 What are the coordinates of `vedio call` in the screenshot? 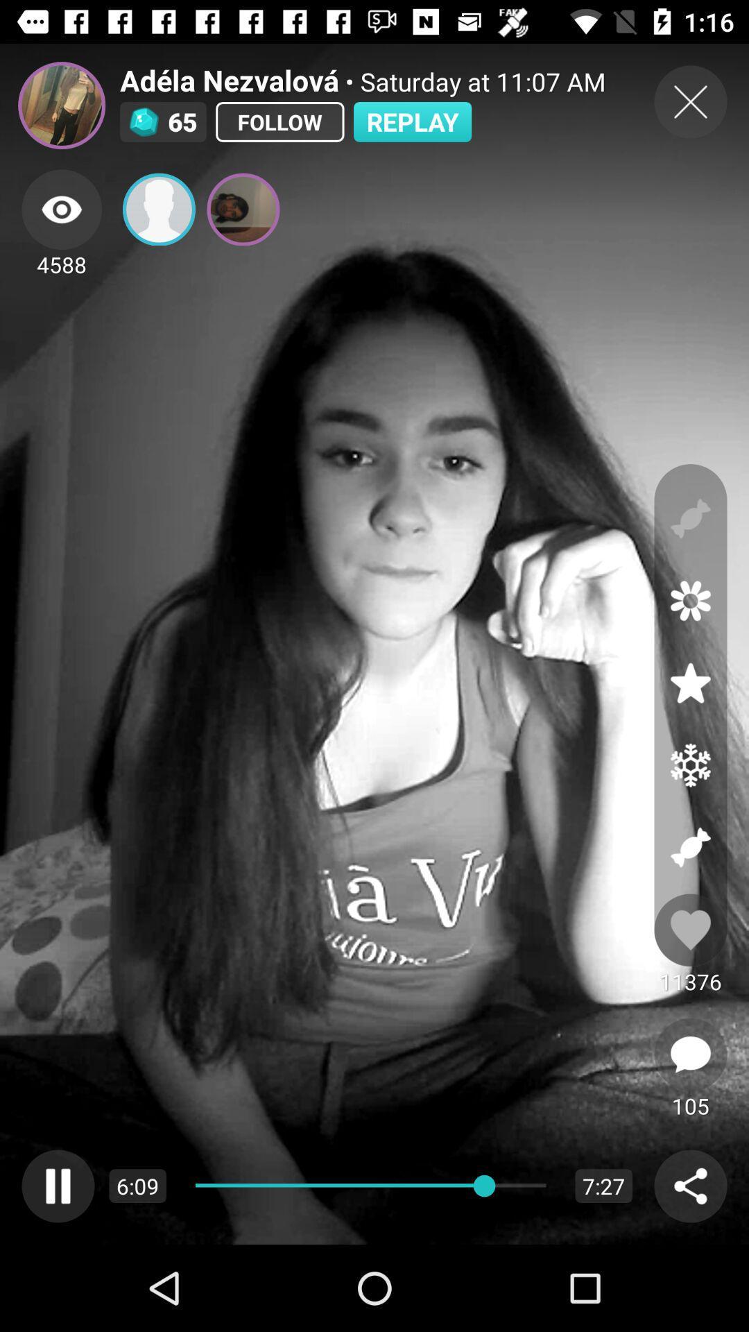 It's located at (158, 209).